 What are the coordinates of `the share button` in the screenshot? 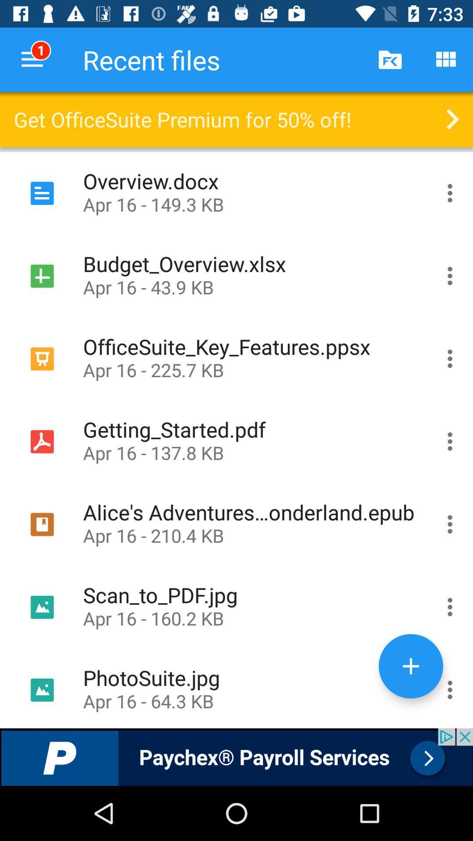 It's located at (450, 607).